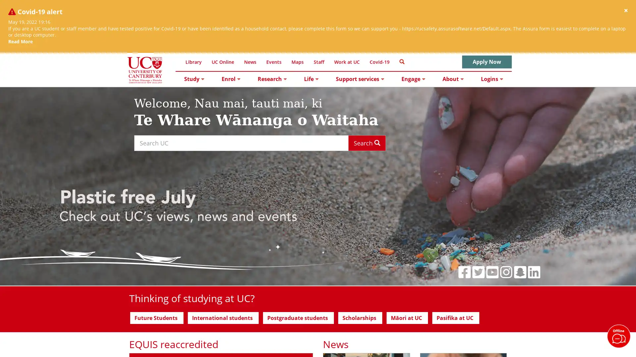  I want to click on Search, so click(367, 142).